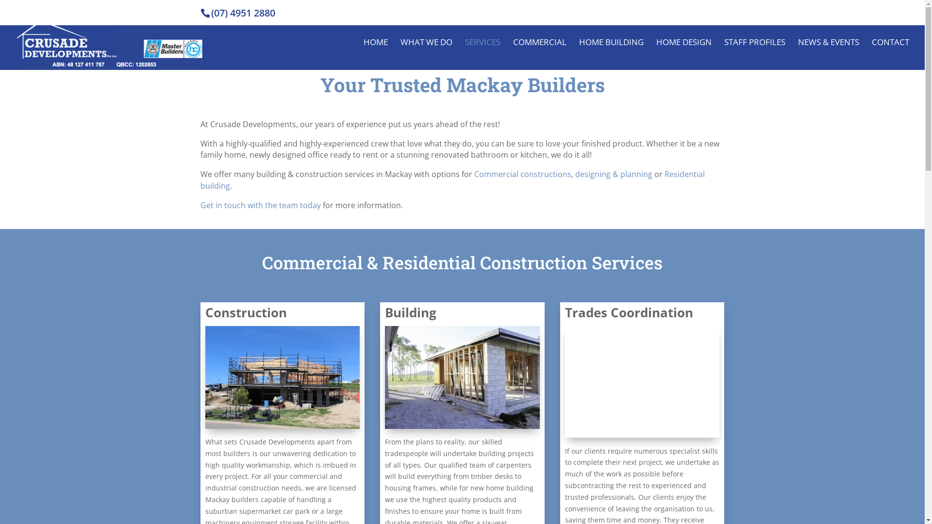 The width and height of the screenshot is (932, 524). What do you see at coordinates (828, 54) in the screenshot?
I see `'NEWS & EVENTS'` at bounding box center [828, 54].